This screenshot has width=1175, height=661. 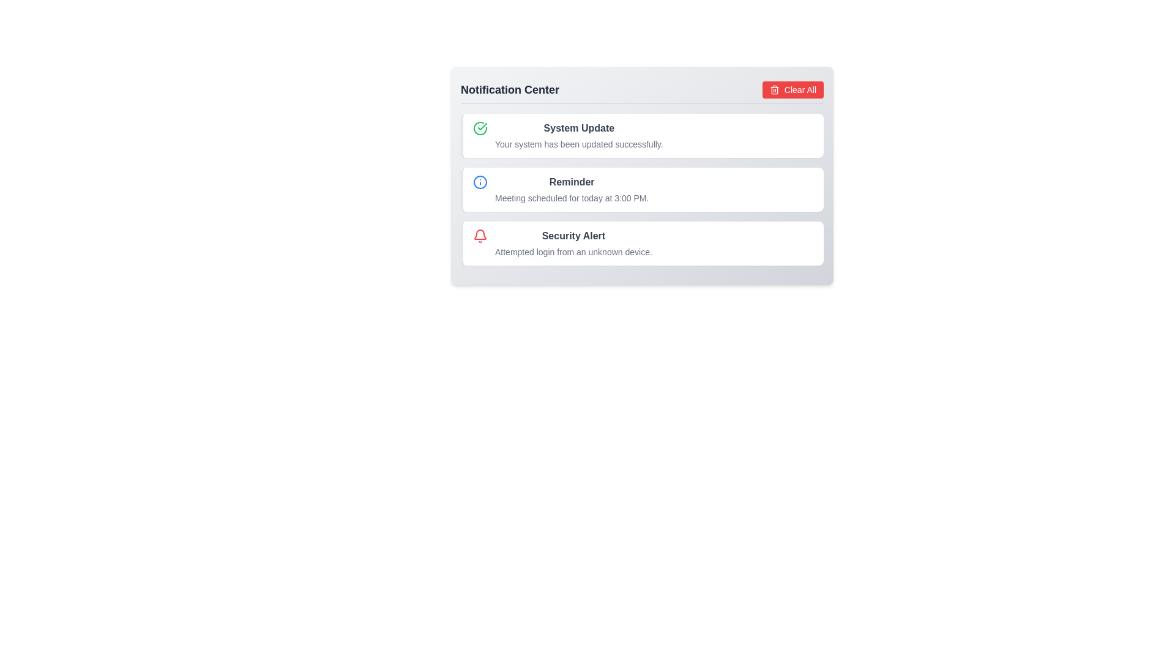 What do you see at coordinates (641, 243) in the screenshot?
I see `the 'Security Alert' notification card, which is the third notification in the Notification Center` at bounding box center [641, 243].